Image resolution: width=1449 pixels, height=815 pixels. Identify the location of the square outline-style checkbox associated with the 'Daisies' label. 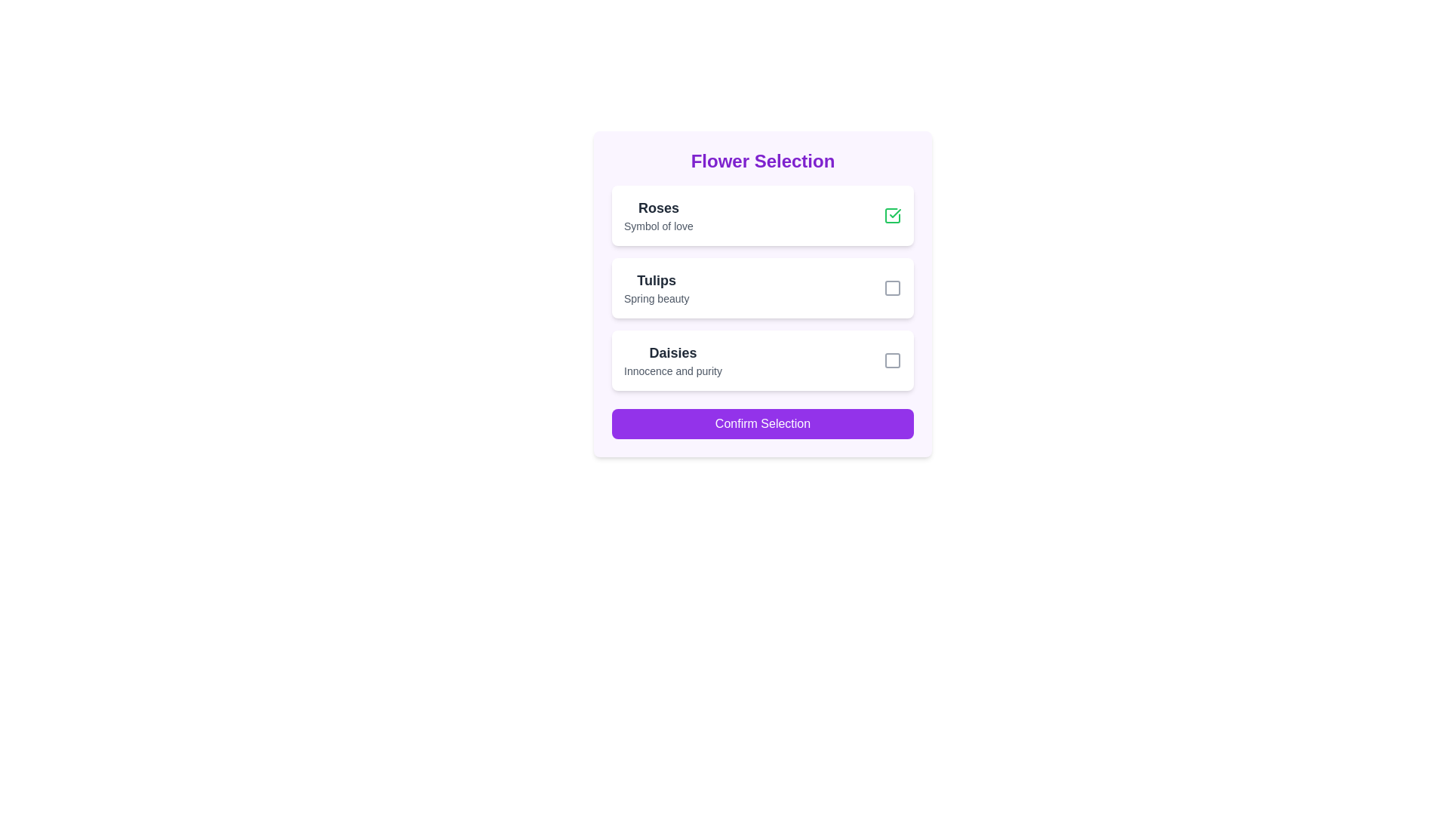
(892, 361).